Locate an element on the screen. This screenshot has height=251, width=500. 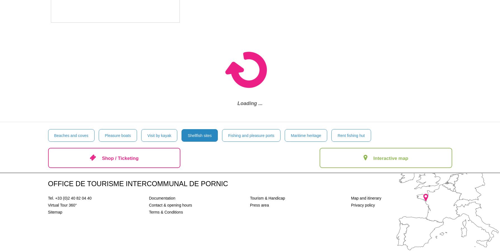
'Loading ...' is located at coordinates (250, 103).